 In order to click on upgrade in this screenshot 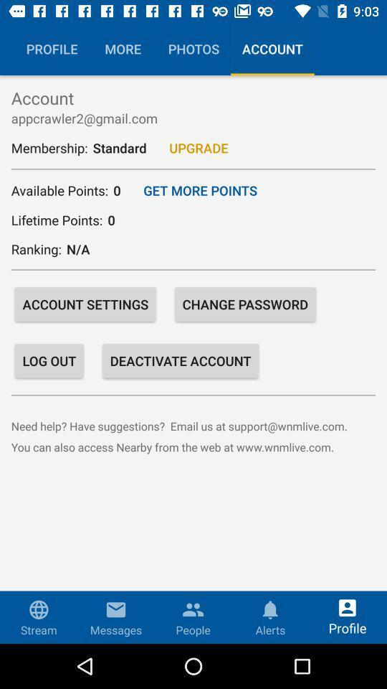, I will do `click(198, 148)`.